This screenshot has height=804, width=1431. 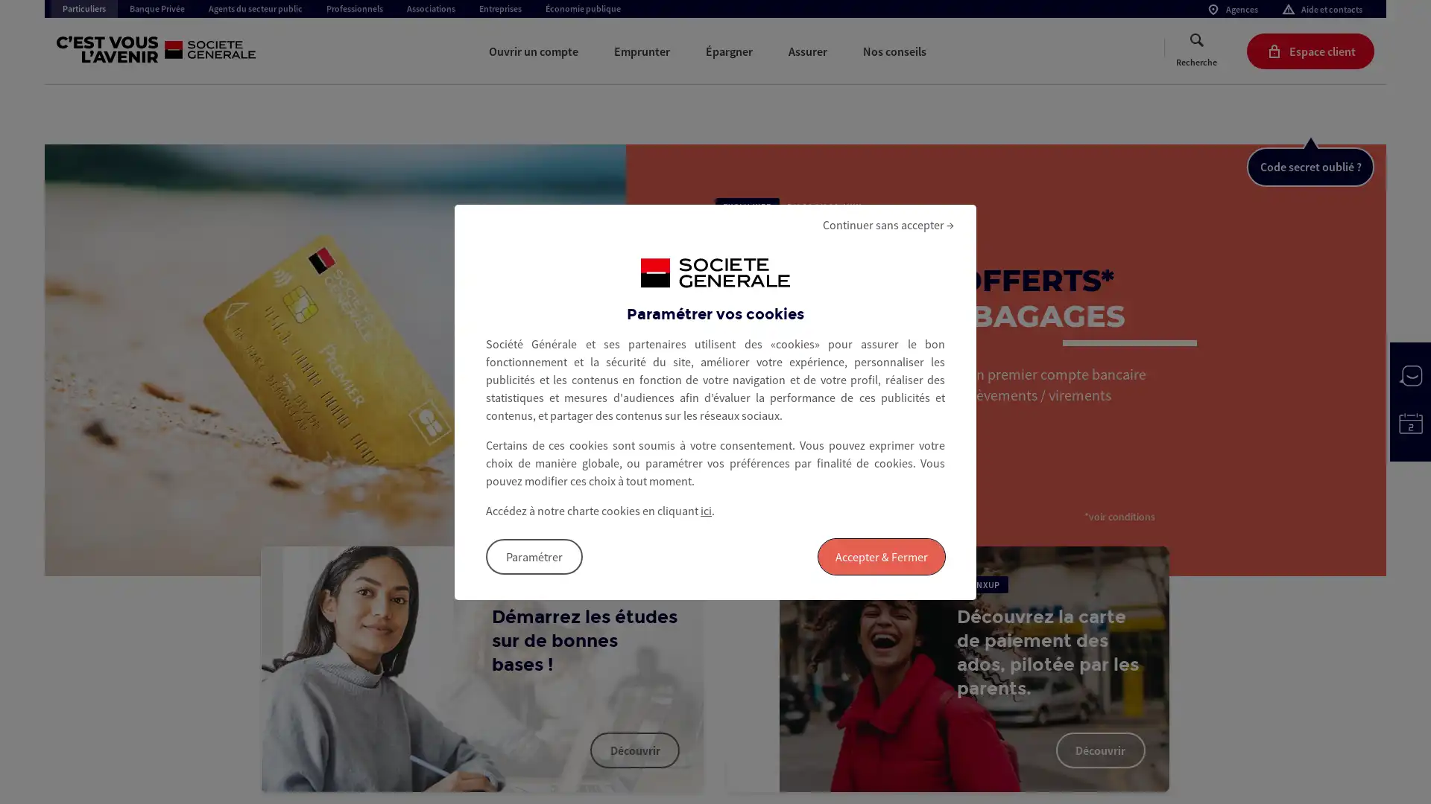 What do you see at coordinates (888, 223) in the screenshot?
I see `Continuer sans accepter` at bounding box center [888, 223].